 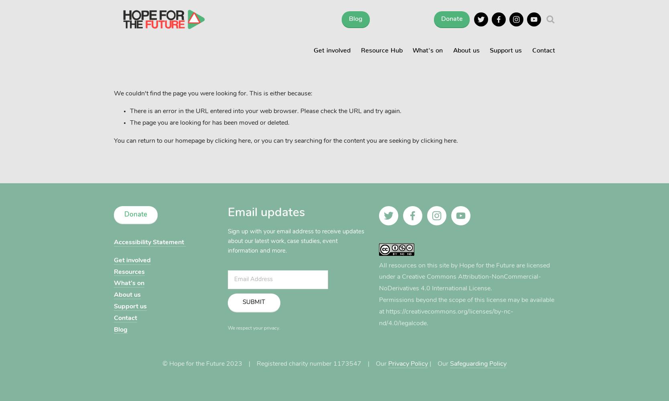 What do you see at coordinates (227, 328) in the screenshot?
I see `'We respect your privacy.'` at bounding box center [227, 328].